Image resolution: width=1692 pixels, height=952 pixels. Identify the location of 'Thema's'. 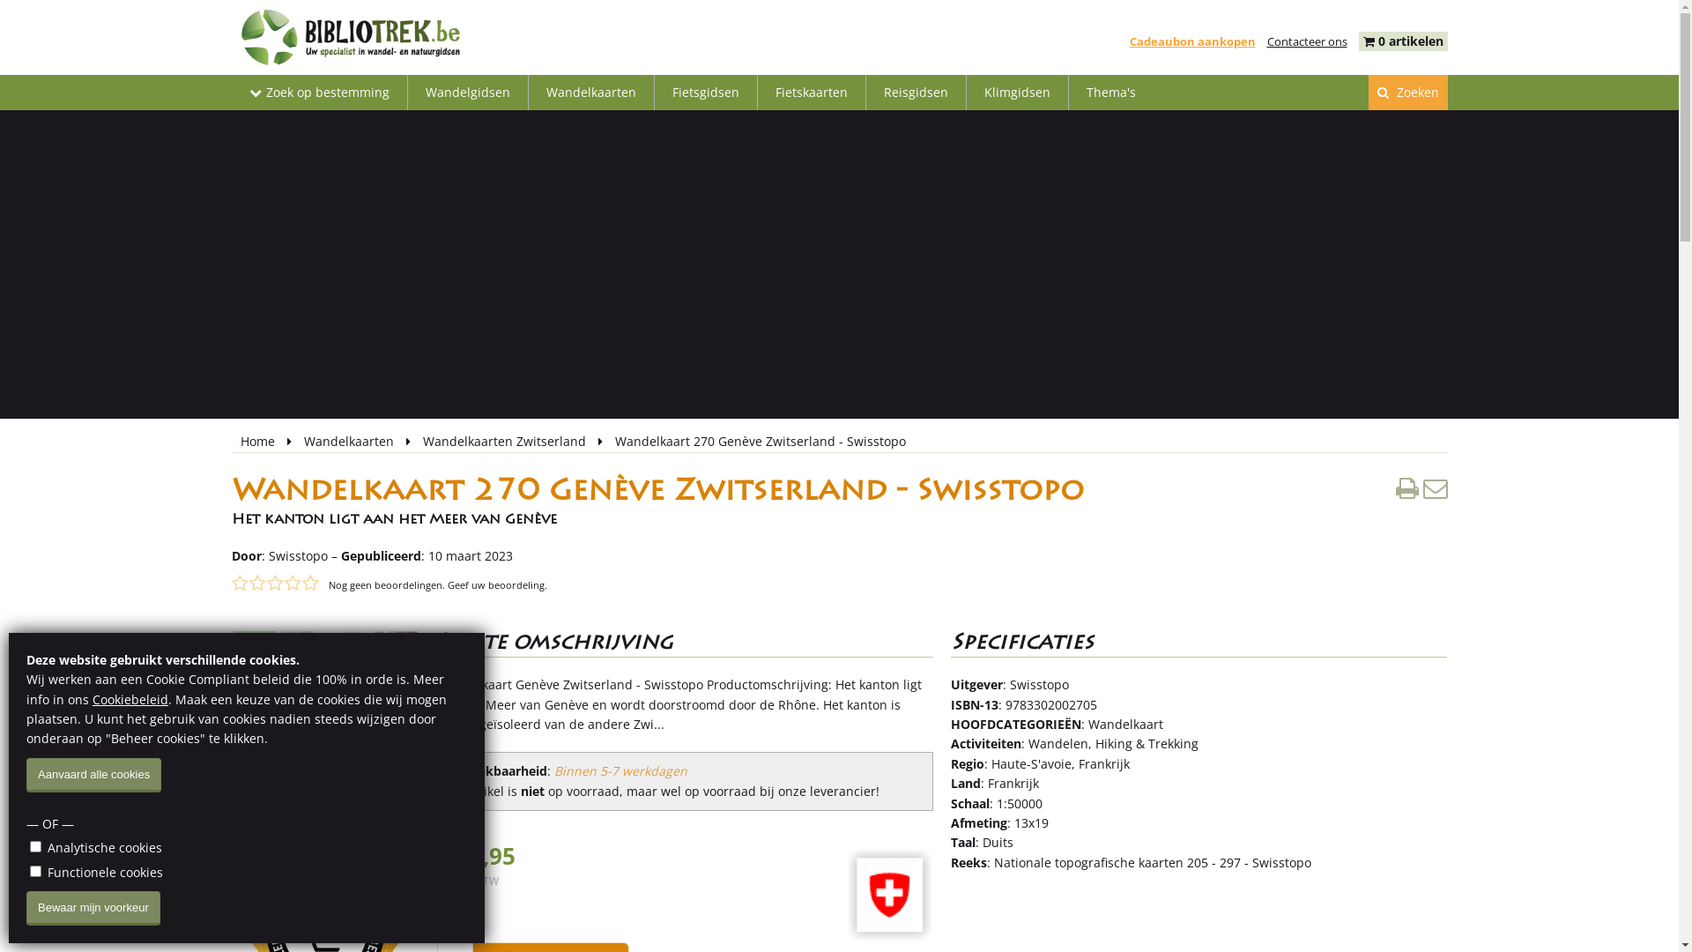
(1109, 92).